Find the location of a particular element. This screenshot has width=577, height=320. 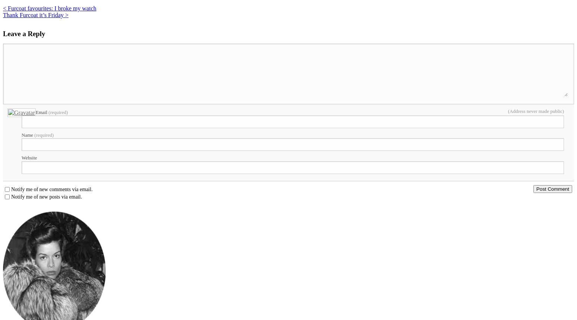

'Name' is located at coordinates (28, 134).